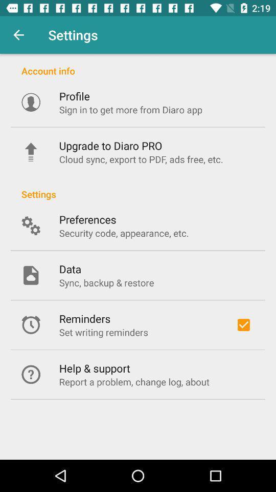 This screenshot has width=276, height=492. Describe the element at coordinates (243, 324) in the screenshot. I see `icon to the right of set writing reminders icon` at that location.